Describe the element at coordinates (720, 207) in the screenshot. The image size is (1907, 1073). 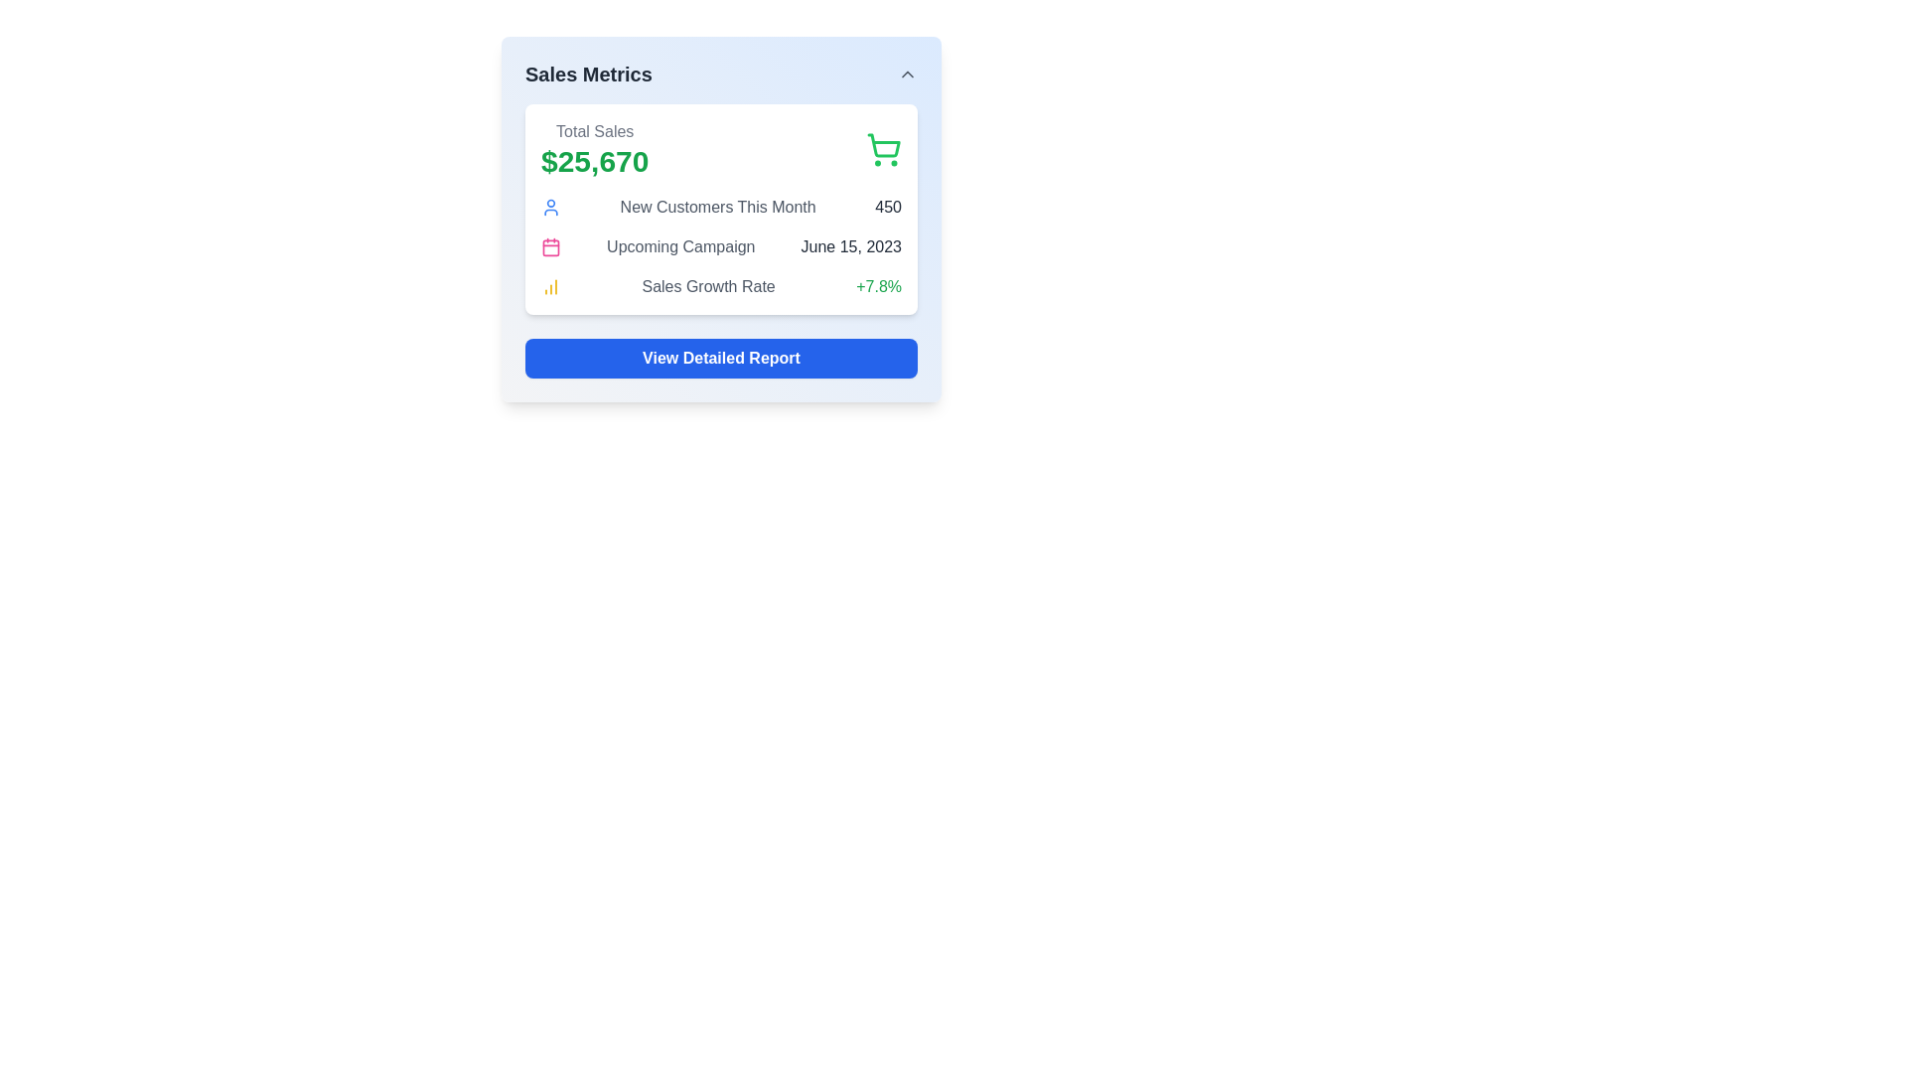
I see `information displayed in the 'New Customers This Month' row of the Sales Metrics section, which shows the number '450'` at that location.